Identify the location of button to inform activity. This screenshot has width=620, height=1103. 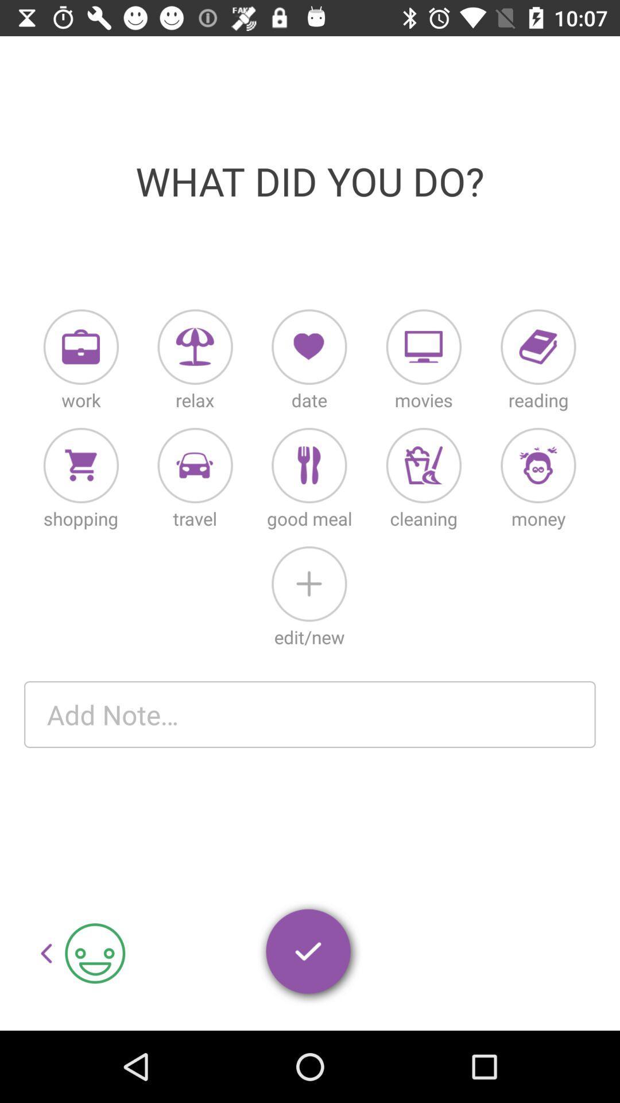
(195, 346).